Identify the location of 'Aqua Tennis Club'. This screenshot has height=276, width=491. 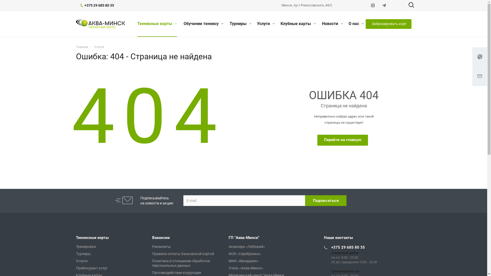
(100, 24).